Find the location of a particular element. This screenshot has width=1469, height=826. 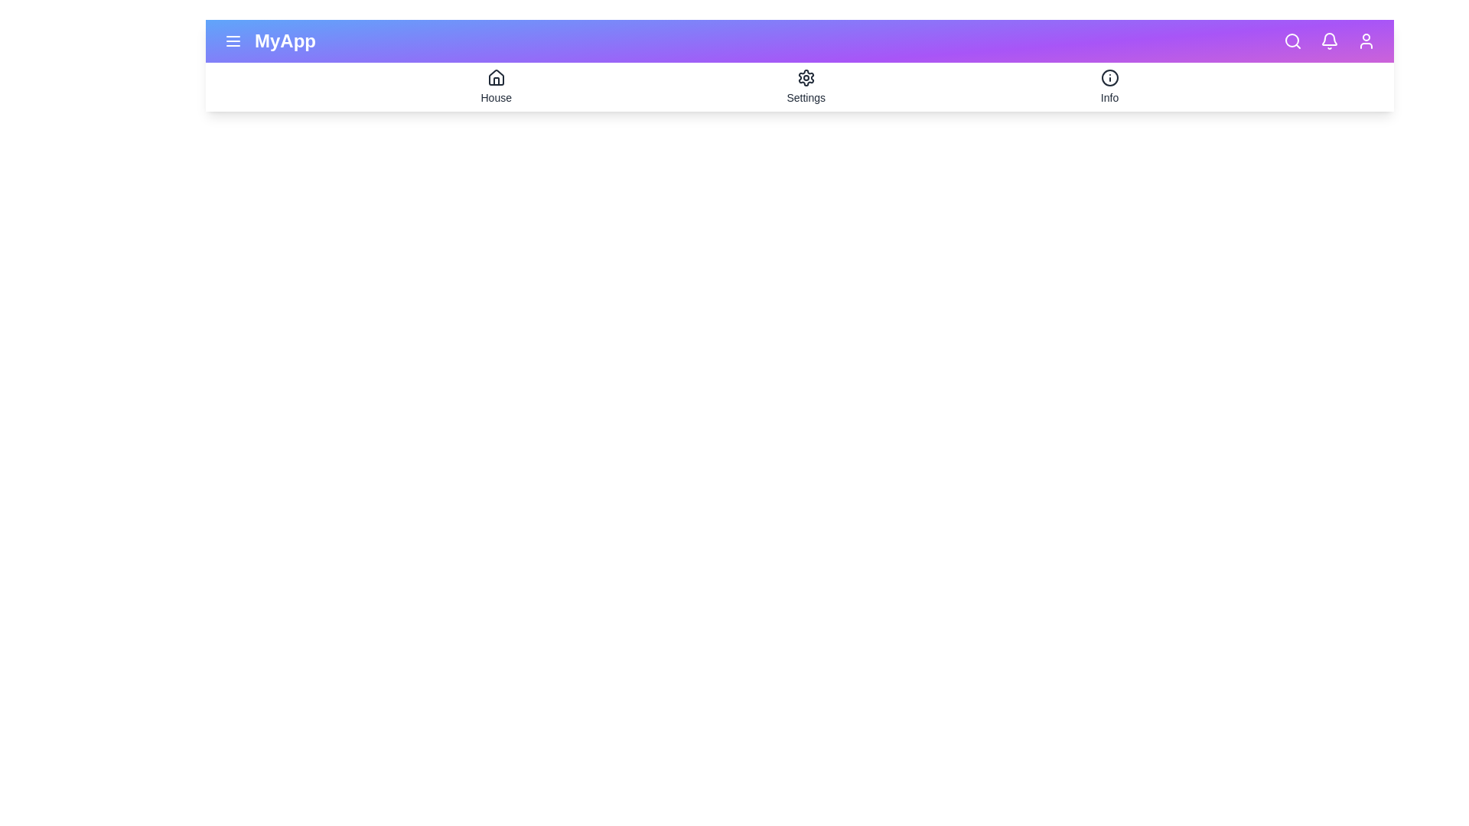

the icon home to preview its interaction is located at coordinates (496, 77).